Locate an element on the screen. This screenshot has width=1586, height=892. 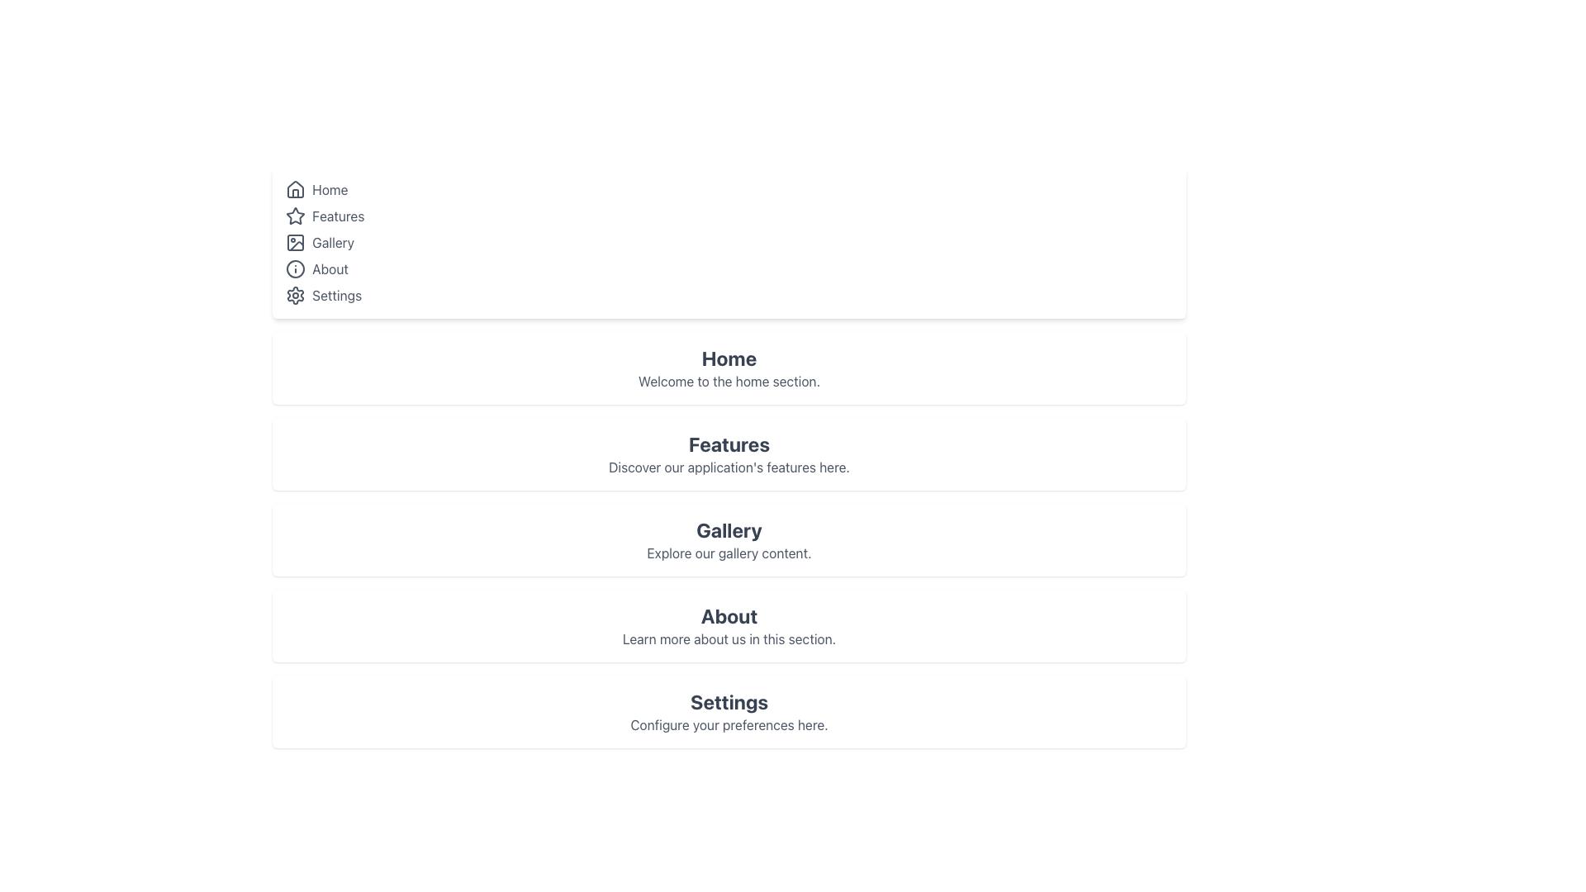
text of the Text Label that serves as a navigation link to the settings section, located below 'About', 'Gallery', and 'Features', and to the right of the cogwheel icon is located at coordinates (336, 295).